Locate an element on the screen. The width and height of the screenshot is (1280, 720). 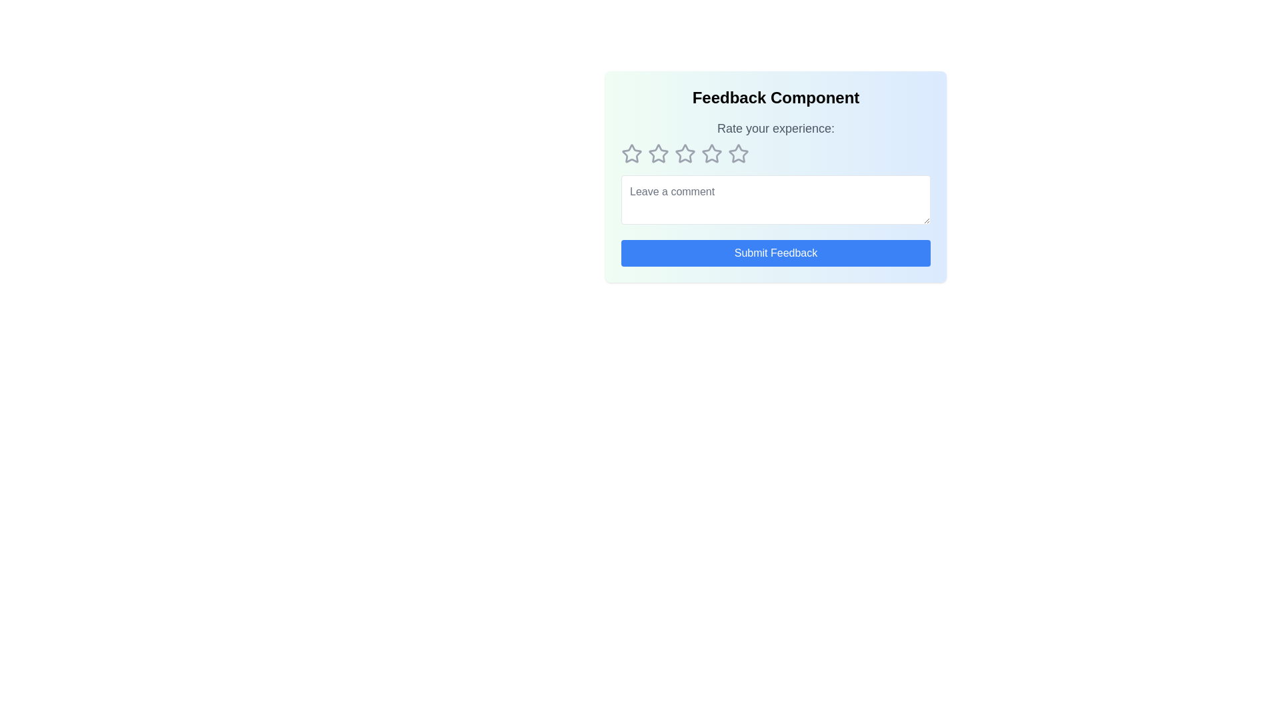
the fourth star-shaped icon in the rating component, which is outlined in gray and positioned below the 'Rate your experience' text is located at coordinates (711, 153).